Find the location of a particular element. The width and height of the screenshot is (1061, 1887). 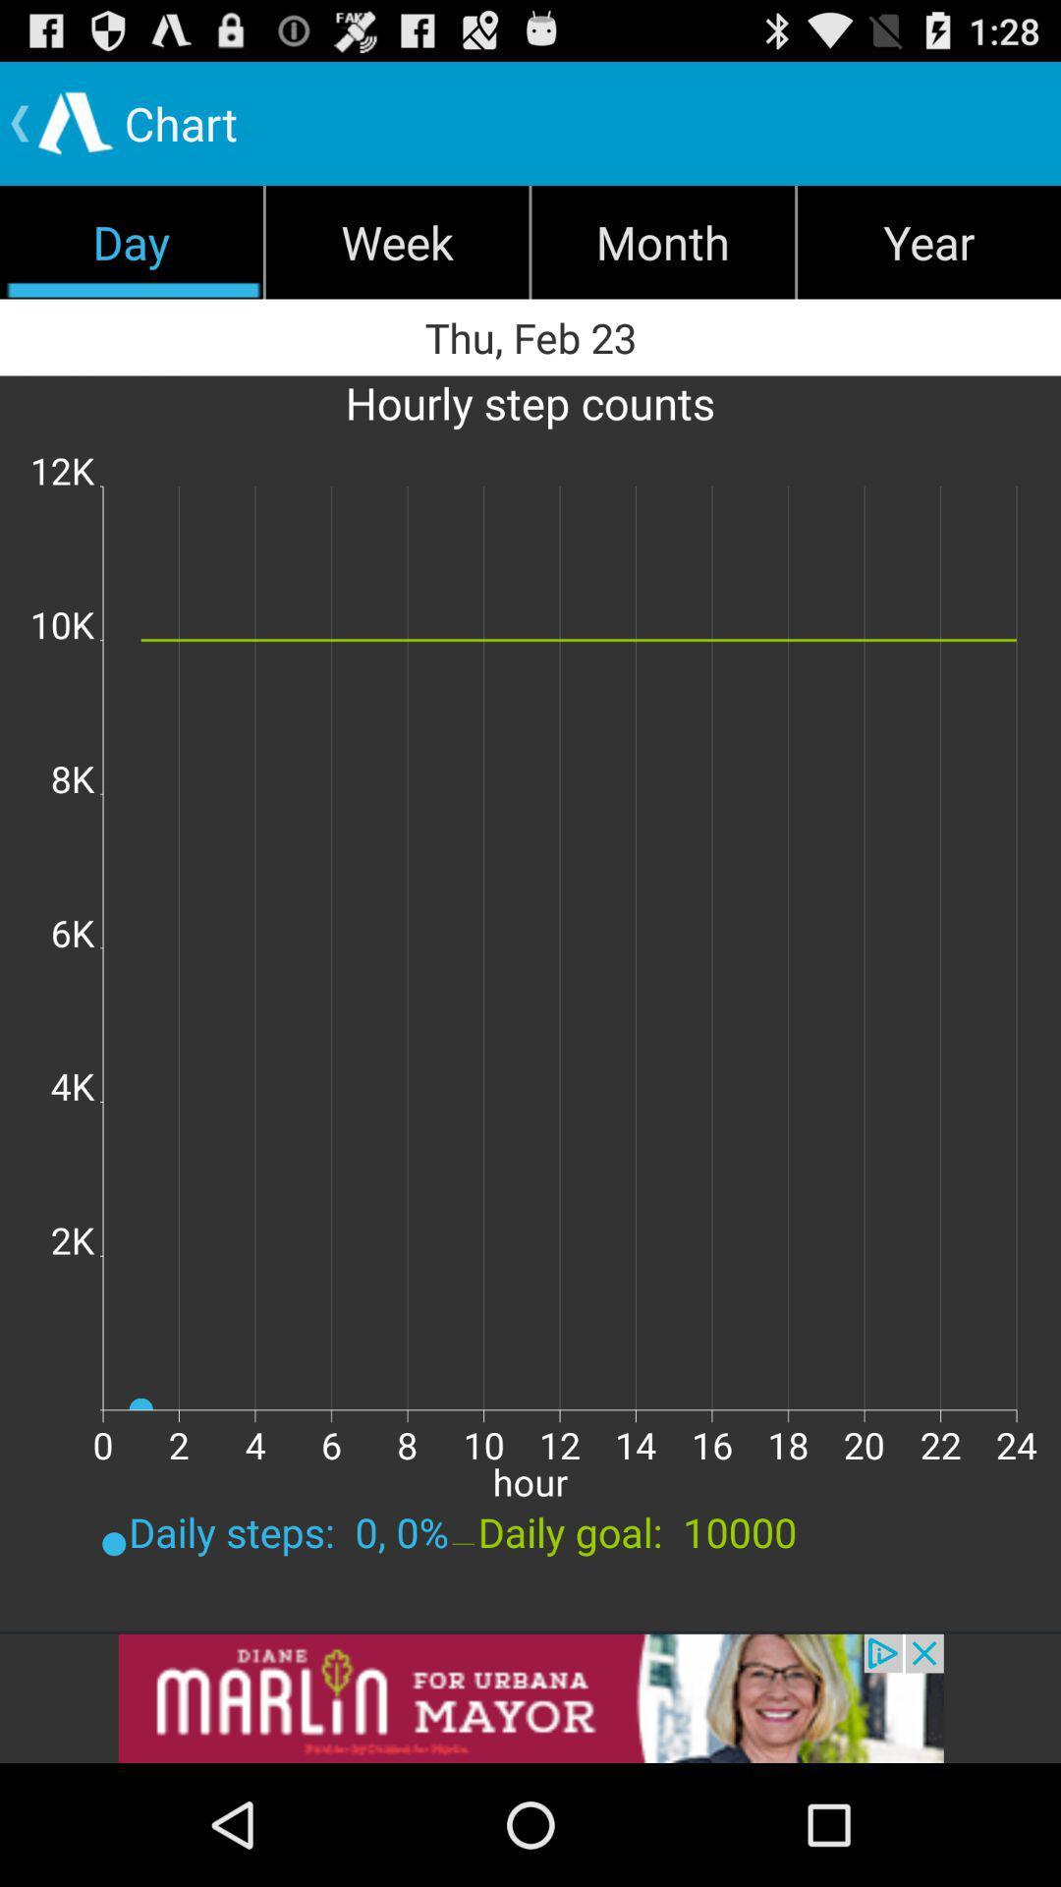

paid advertisement is located at coordinates (530, 1697).